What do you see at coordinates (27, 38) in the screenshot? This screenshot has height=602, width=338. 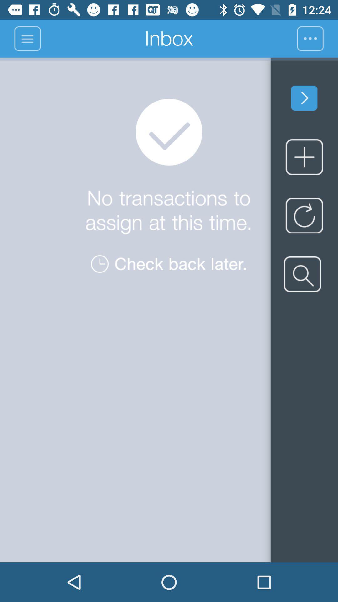 I see `icon at the top left corner` at bounding box center [27, 38].